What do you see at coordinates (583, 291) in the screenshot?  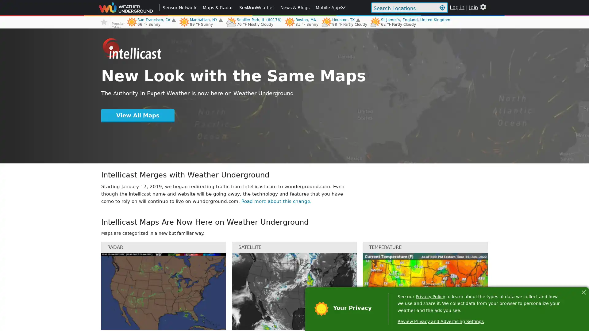 I see `close` at bounding box center [583, 291].